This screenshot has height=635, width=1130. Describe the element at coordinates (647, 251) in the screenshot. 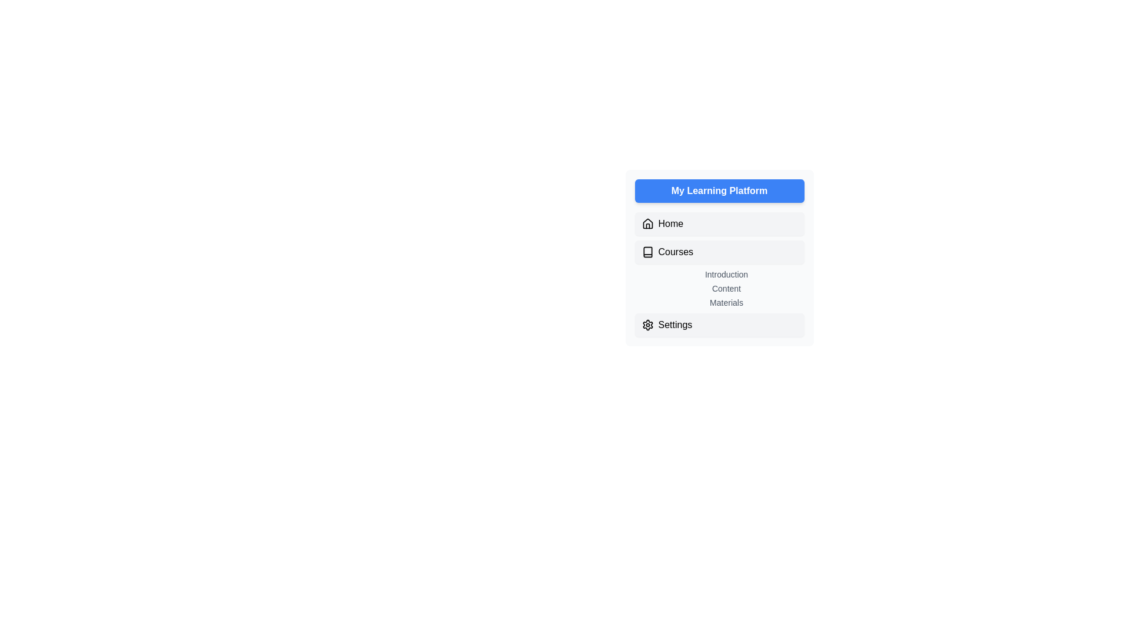

I see `the outlined book icon in the vertical navigation menu, which is the second icon positioned to the left of the 'Courses' label` at that location.